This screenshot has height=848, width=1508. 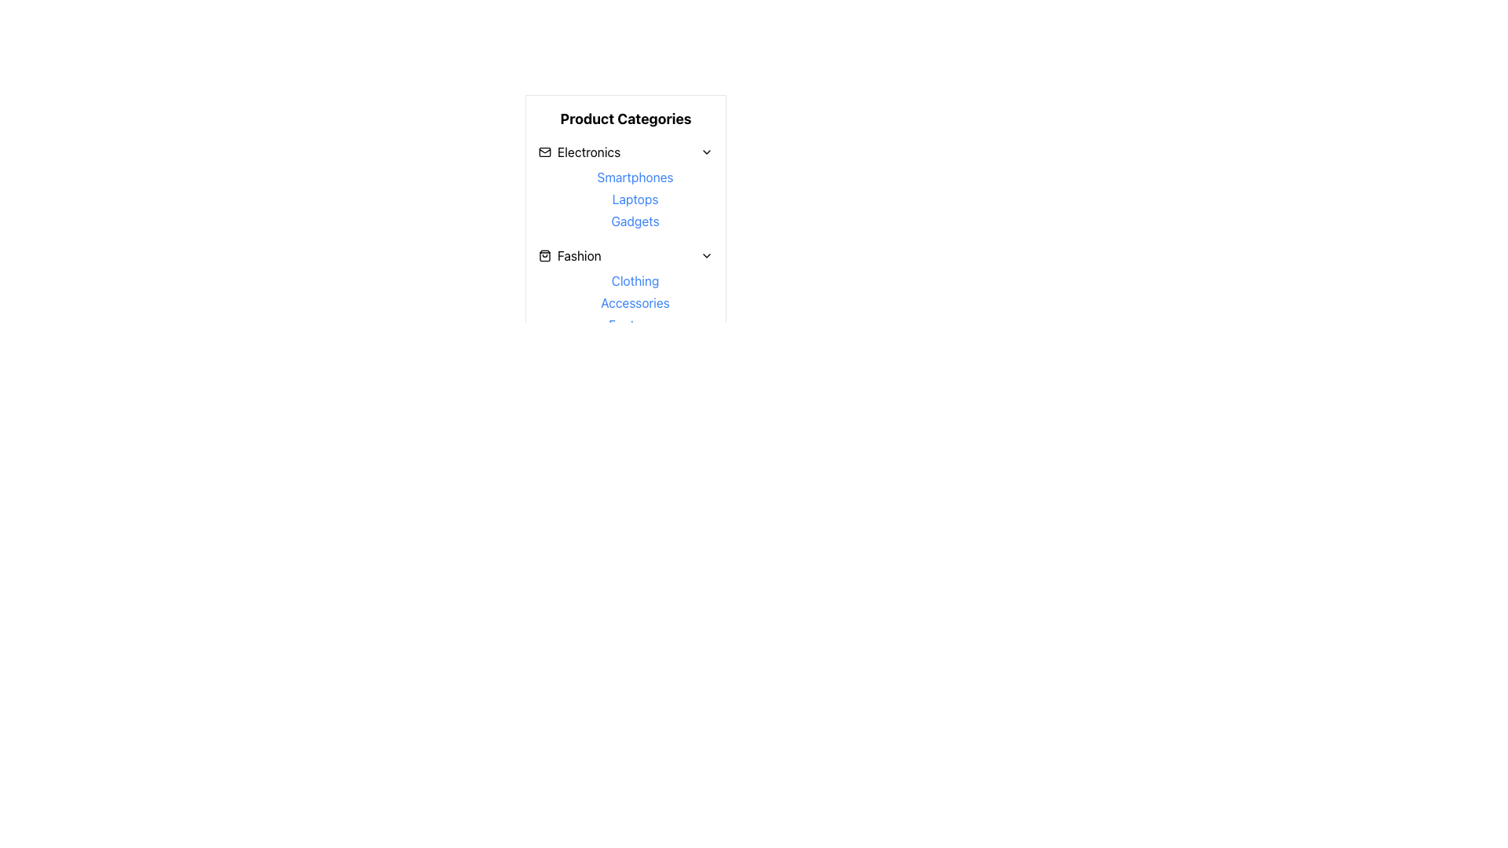 What do you see at coordinates (635, 221) in the screenshot?
I see `the 'Gadgets' text link, which is the third item under the 'Electronics' section` at bounding box center [635, 221].